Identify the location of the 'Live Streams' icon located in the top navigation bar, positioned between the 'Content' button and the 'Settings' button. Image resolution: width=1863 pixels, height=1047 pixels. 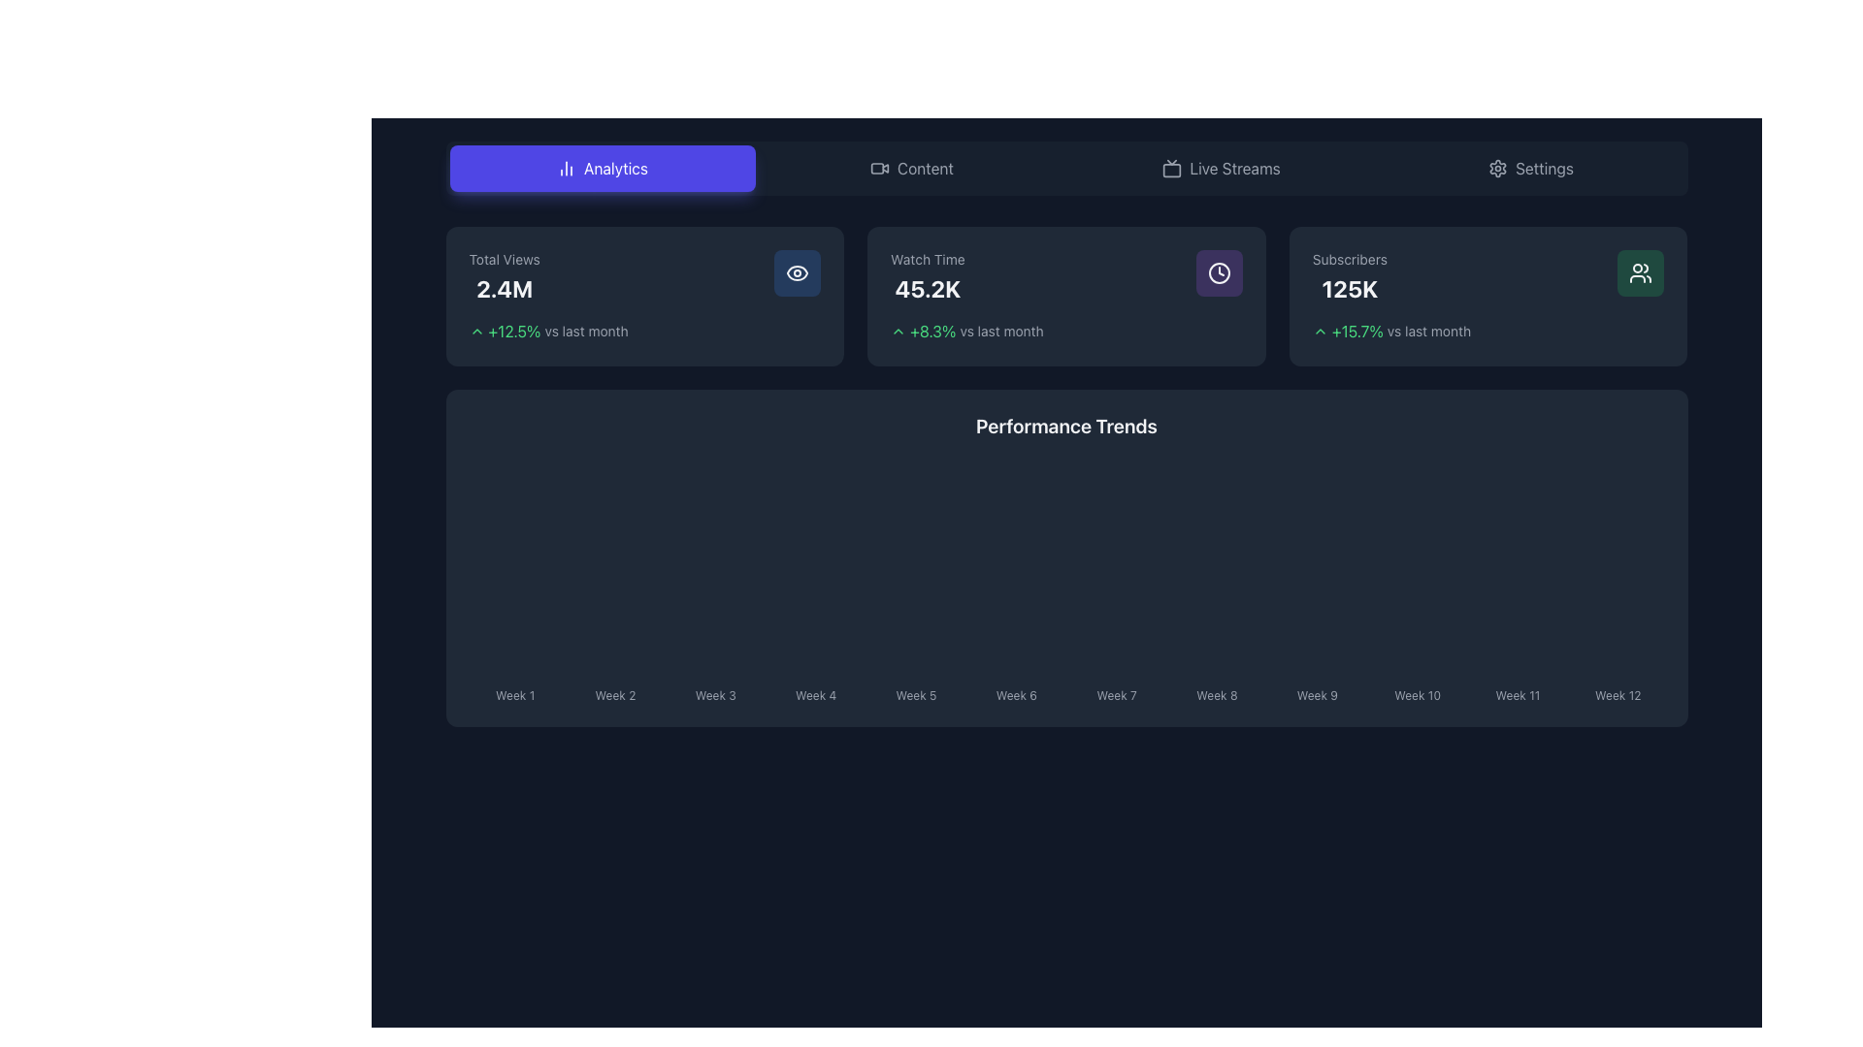
(1171, 167).